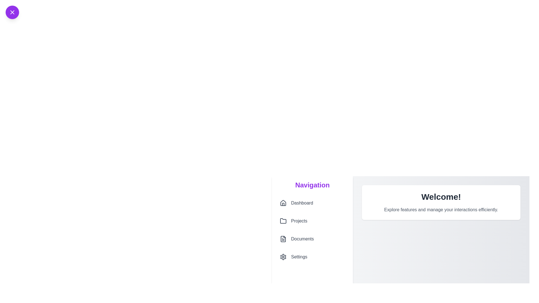 This screenshot has width=539, height=303. I want to click on the navigation menu item Documents, so click(312, 239).